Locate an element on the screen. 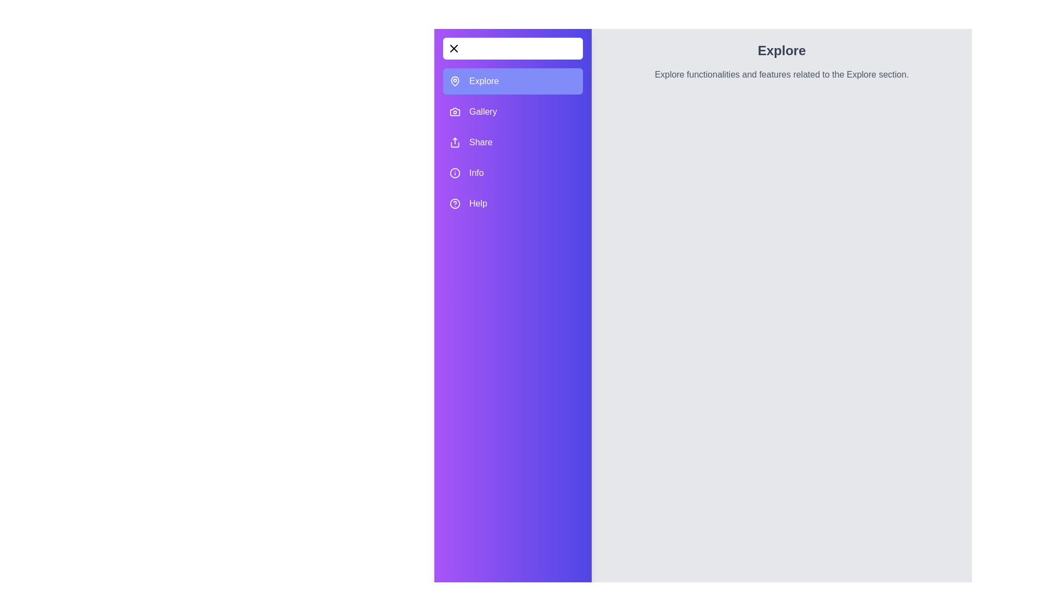 This screenshot has width=1049, height=590. the tab labeled Explore in the navigation drawer is located at coordinates (512, 81).